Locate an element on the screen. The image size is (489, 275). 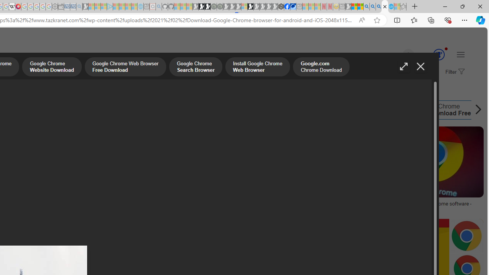
'Google Chrome Search Browser' is located at coordinates (196, 67).